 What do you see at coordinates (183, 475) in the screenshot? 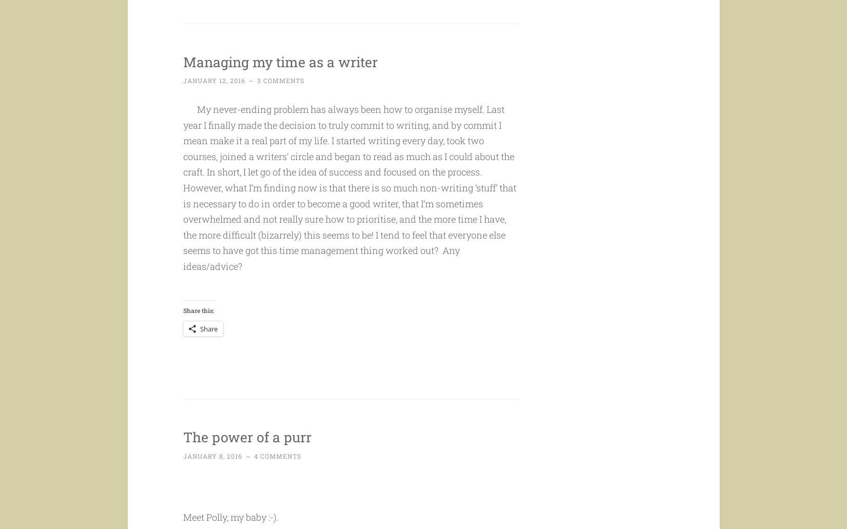
I see `'January 8, 2016'` at bounding box center [183, 475].